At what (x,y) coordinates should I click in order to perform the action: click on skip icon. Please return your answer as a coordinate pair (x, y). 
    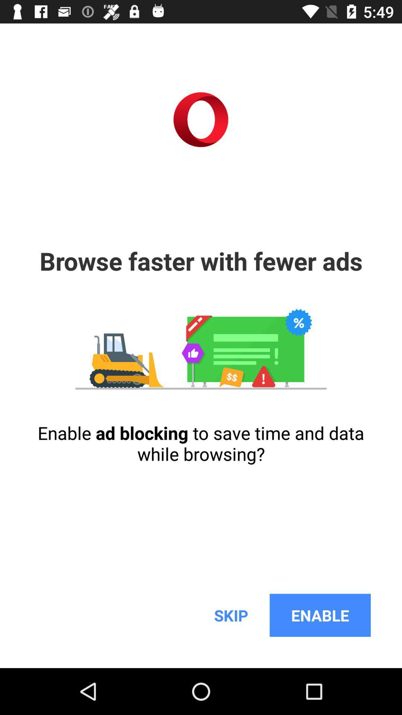
    Looking at the image, I should click on (231, 615).